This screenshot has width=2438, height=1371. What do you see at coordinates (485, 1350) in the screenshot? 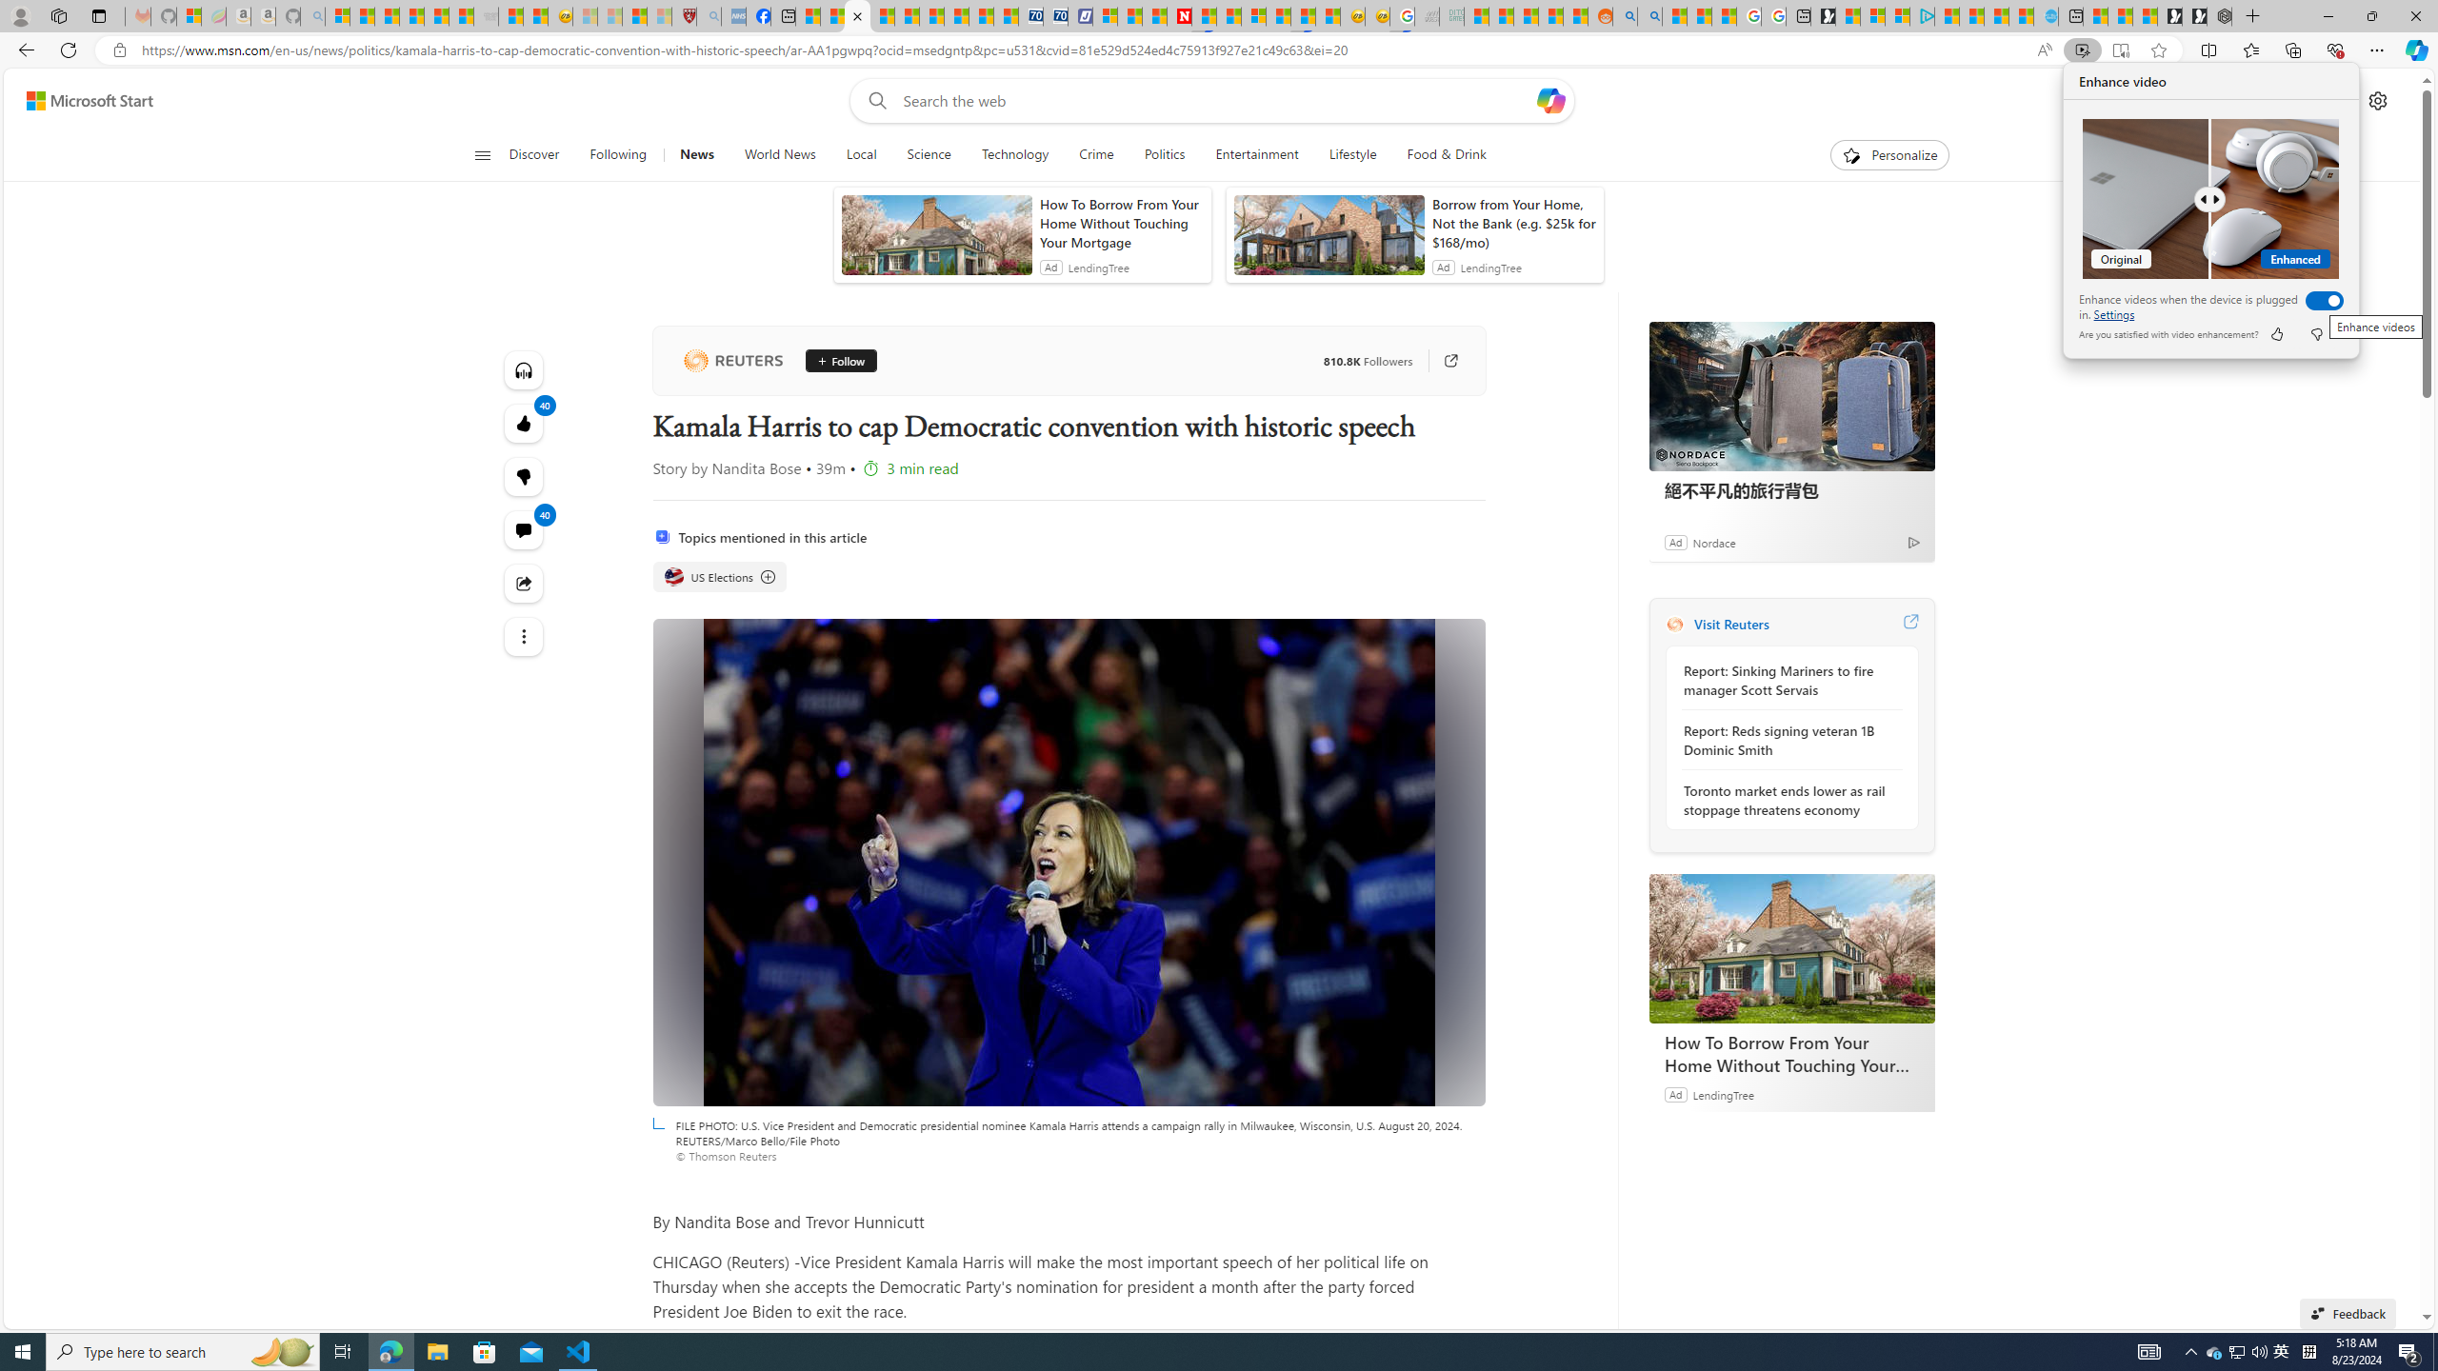
I see `'Microsoft Store'` at bounding box center [485, 1350].